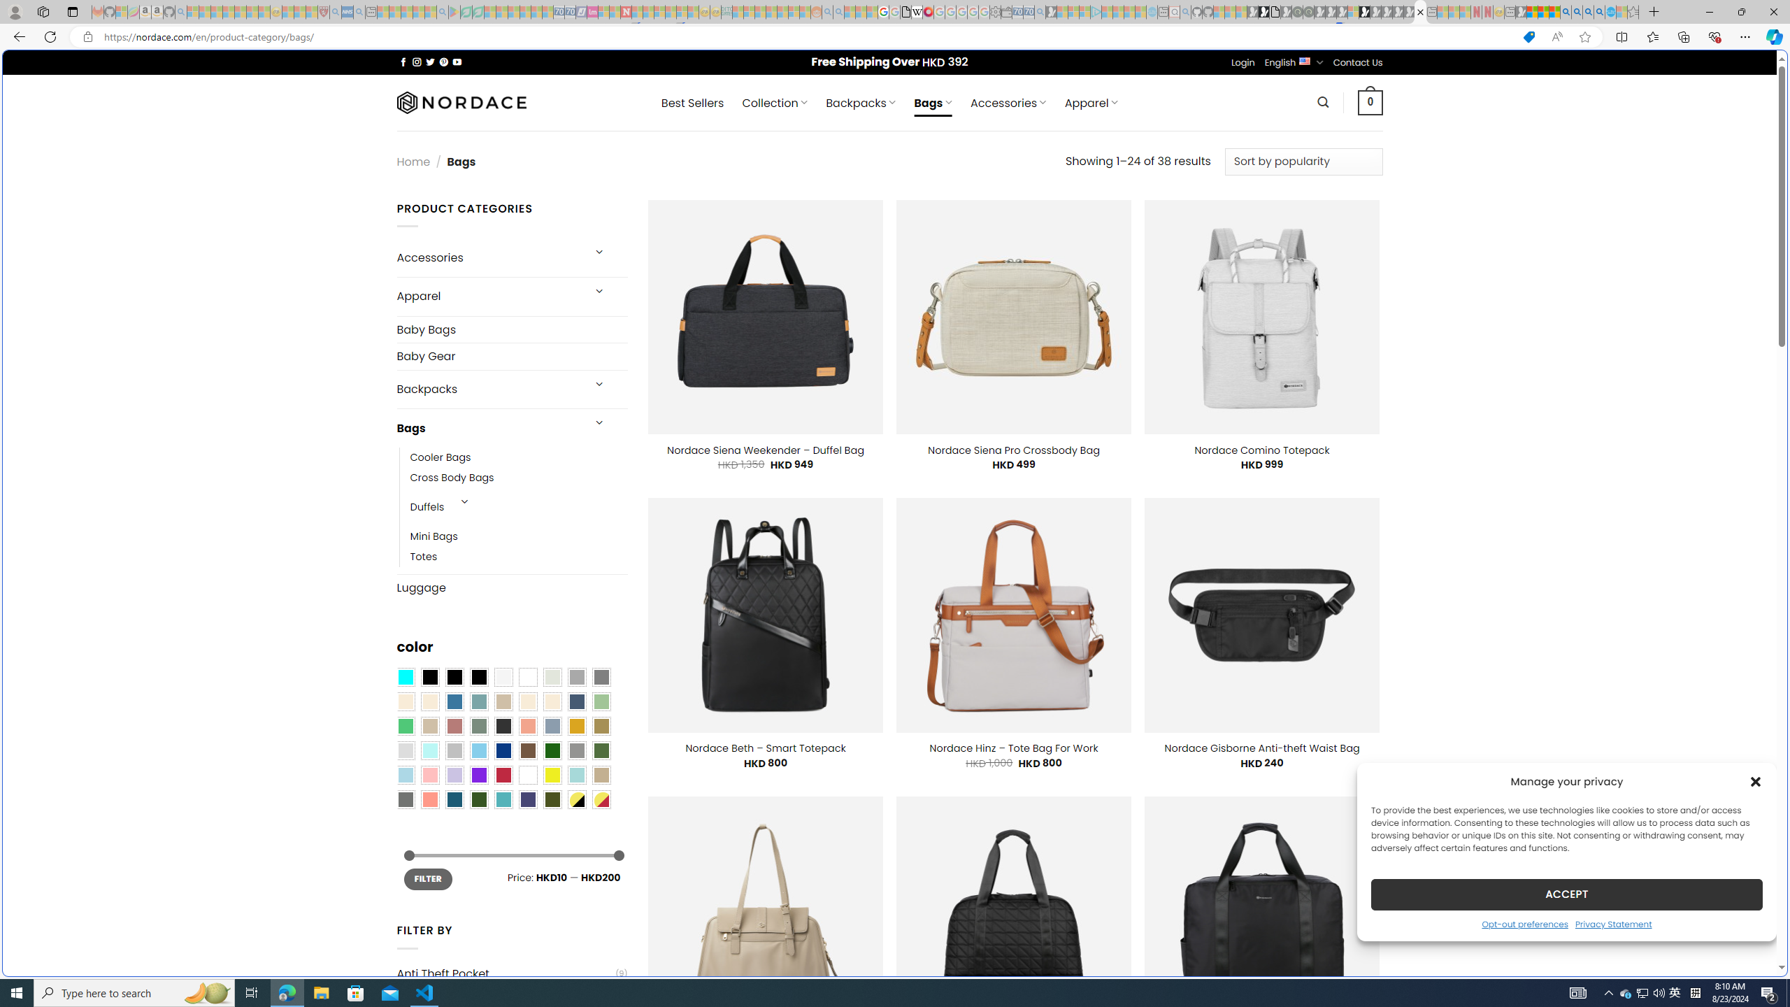 The image size is (1790, 1007). Describe the element at coordinates (454, 774) in the screenshot. I see `'Light Purple'` at that location.